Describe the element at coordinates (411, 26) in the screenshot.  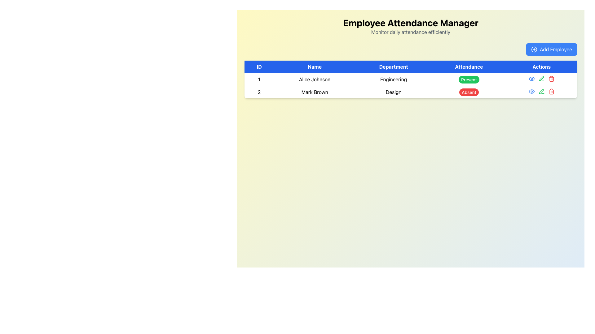
I see `the Typography element that serves as the title and subtitle for the interface, located at the top of the page and positioned centrally, directly above the 'Add Employee' button` at that location.